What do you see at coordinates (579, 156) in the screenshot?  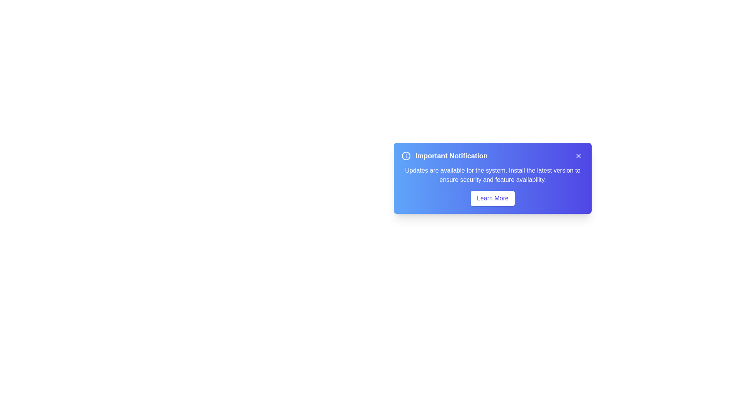 I see `the close button in the top-right corner of the alert` at bounding box center [579, 156].